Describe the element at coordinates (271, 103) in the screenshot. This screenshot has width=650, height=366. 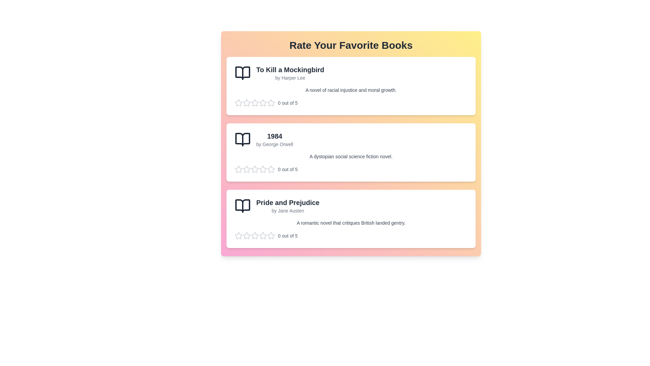
I see `the fifth star in the rating system for the card titled 'To Kill a Mockingbird.' This star is gray and part of a row of five icons, indicating it is a selectable option` at that location.